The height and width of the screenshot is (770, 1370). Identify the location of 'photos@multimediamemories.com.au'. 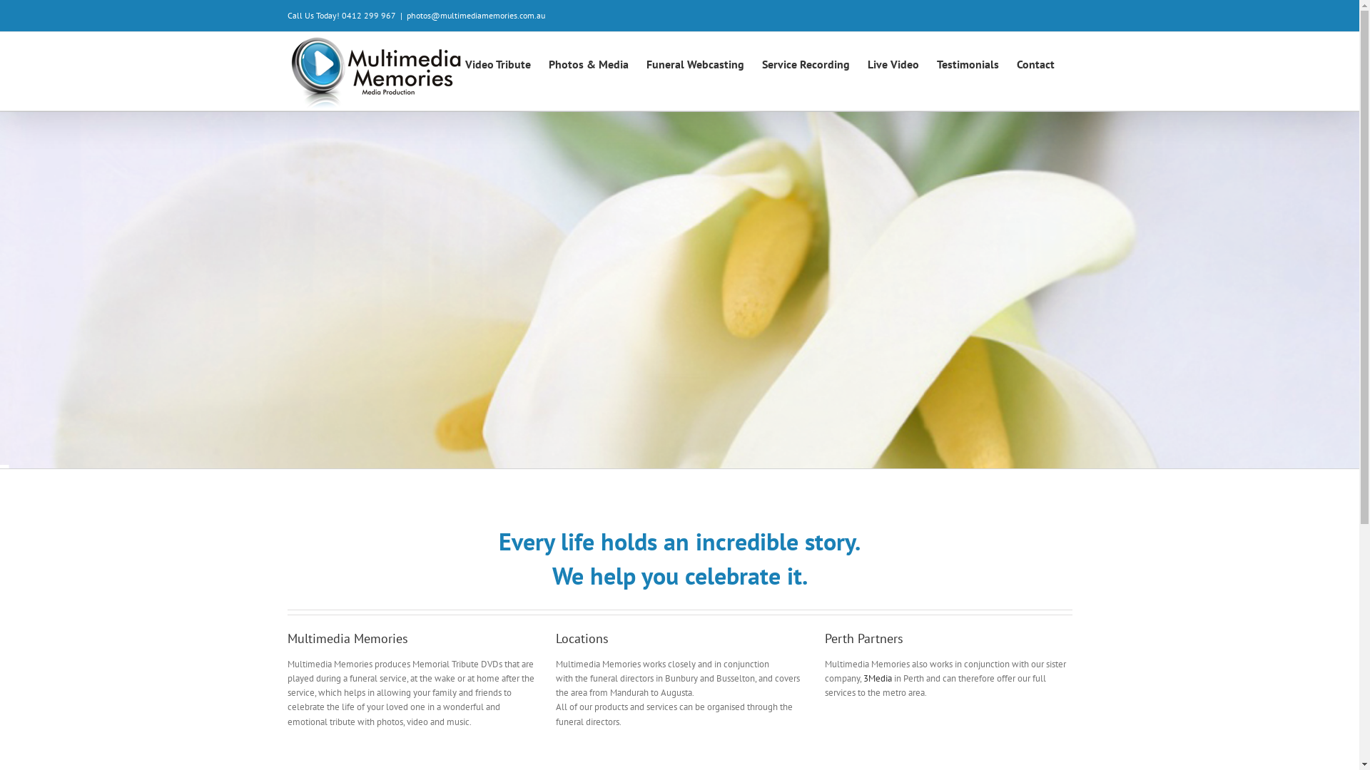
(476, 15).